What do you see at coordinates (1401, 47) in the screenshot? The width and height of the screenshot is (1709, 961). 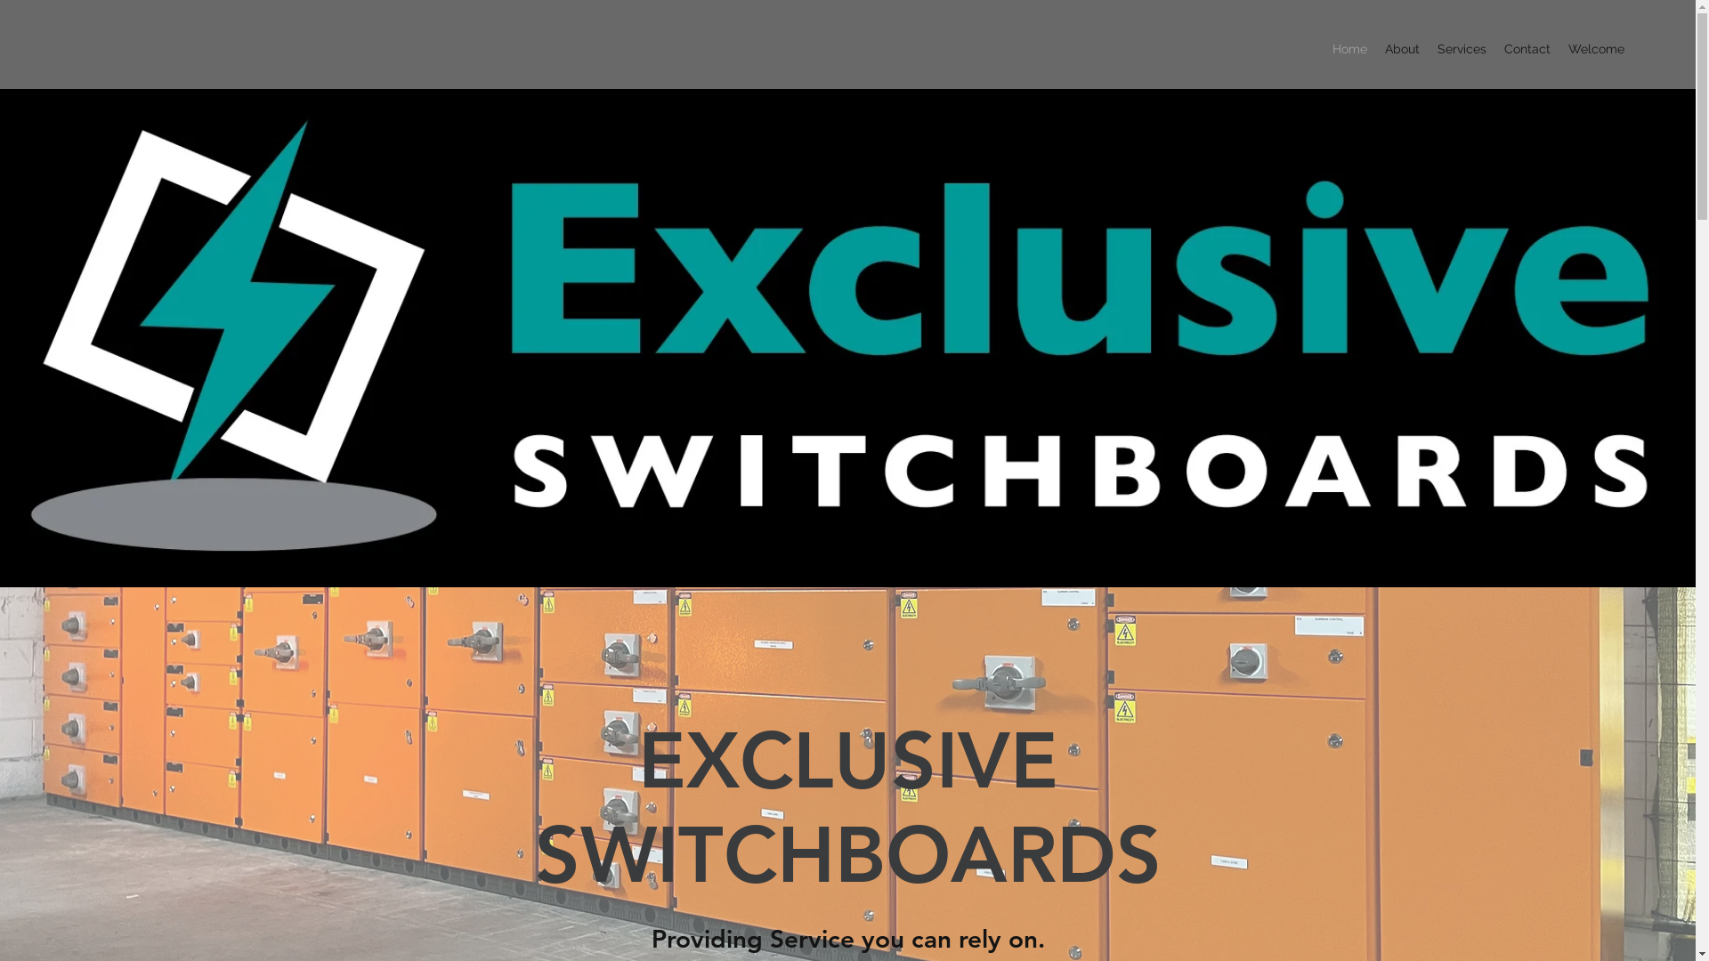 I see `'About'` at bounding box center [1401, 47].